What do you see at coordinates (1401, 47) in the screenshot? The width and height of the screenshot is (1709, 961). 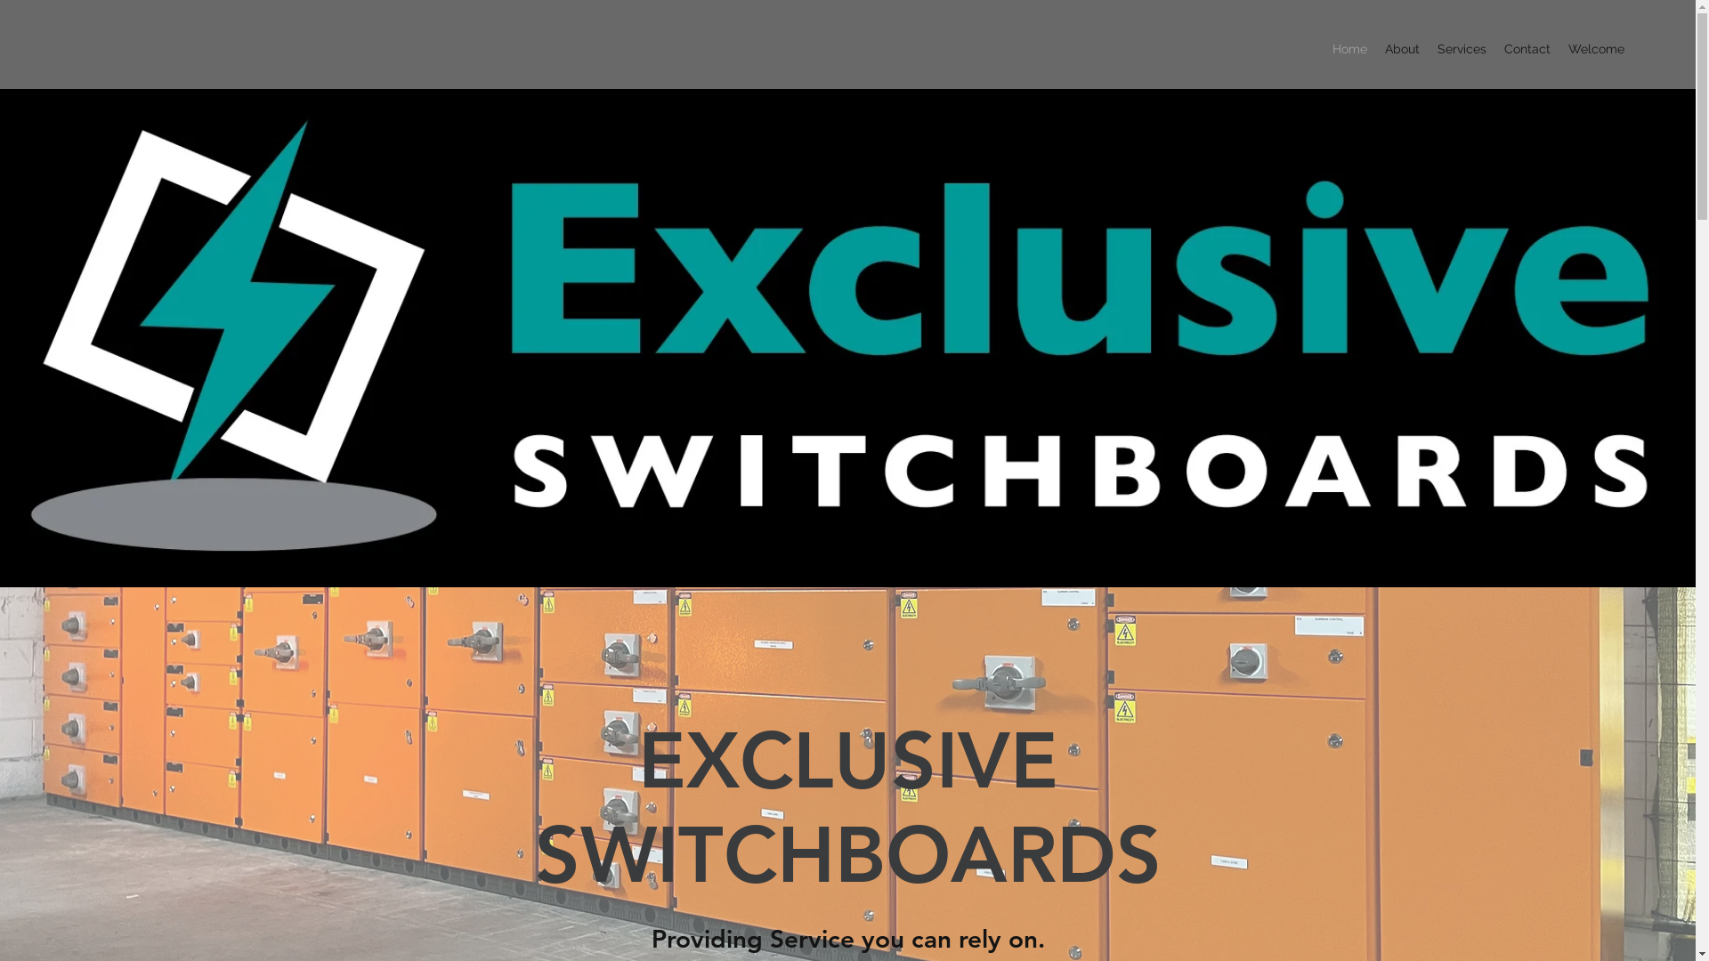 I see `'About'` at bounding box center [1401, 47].